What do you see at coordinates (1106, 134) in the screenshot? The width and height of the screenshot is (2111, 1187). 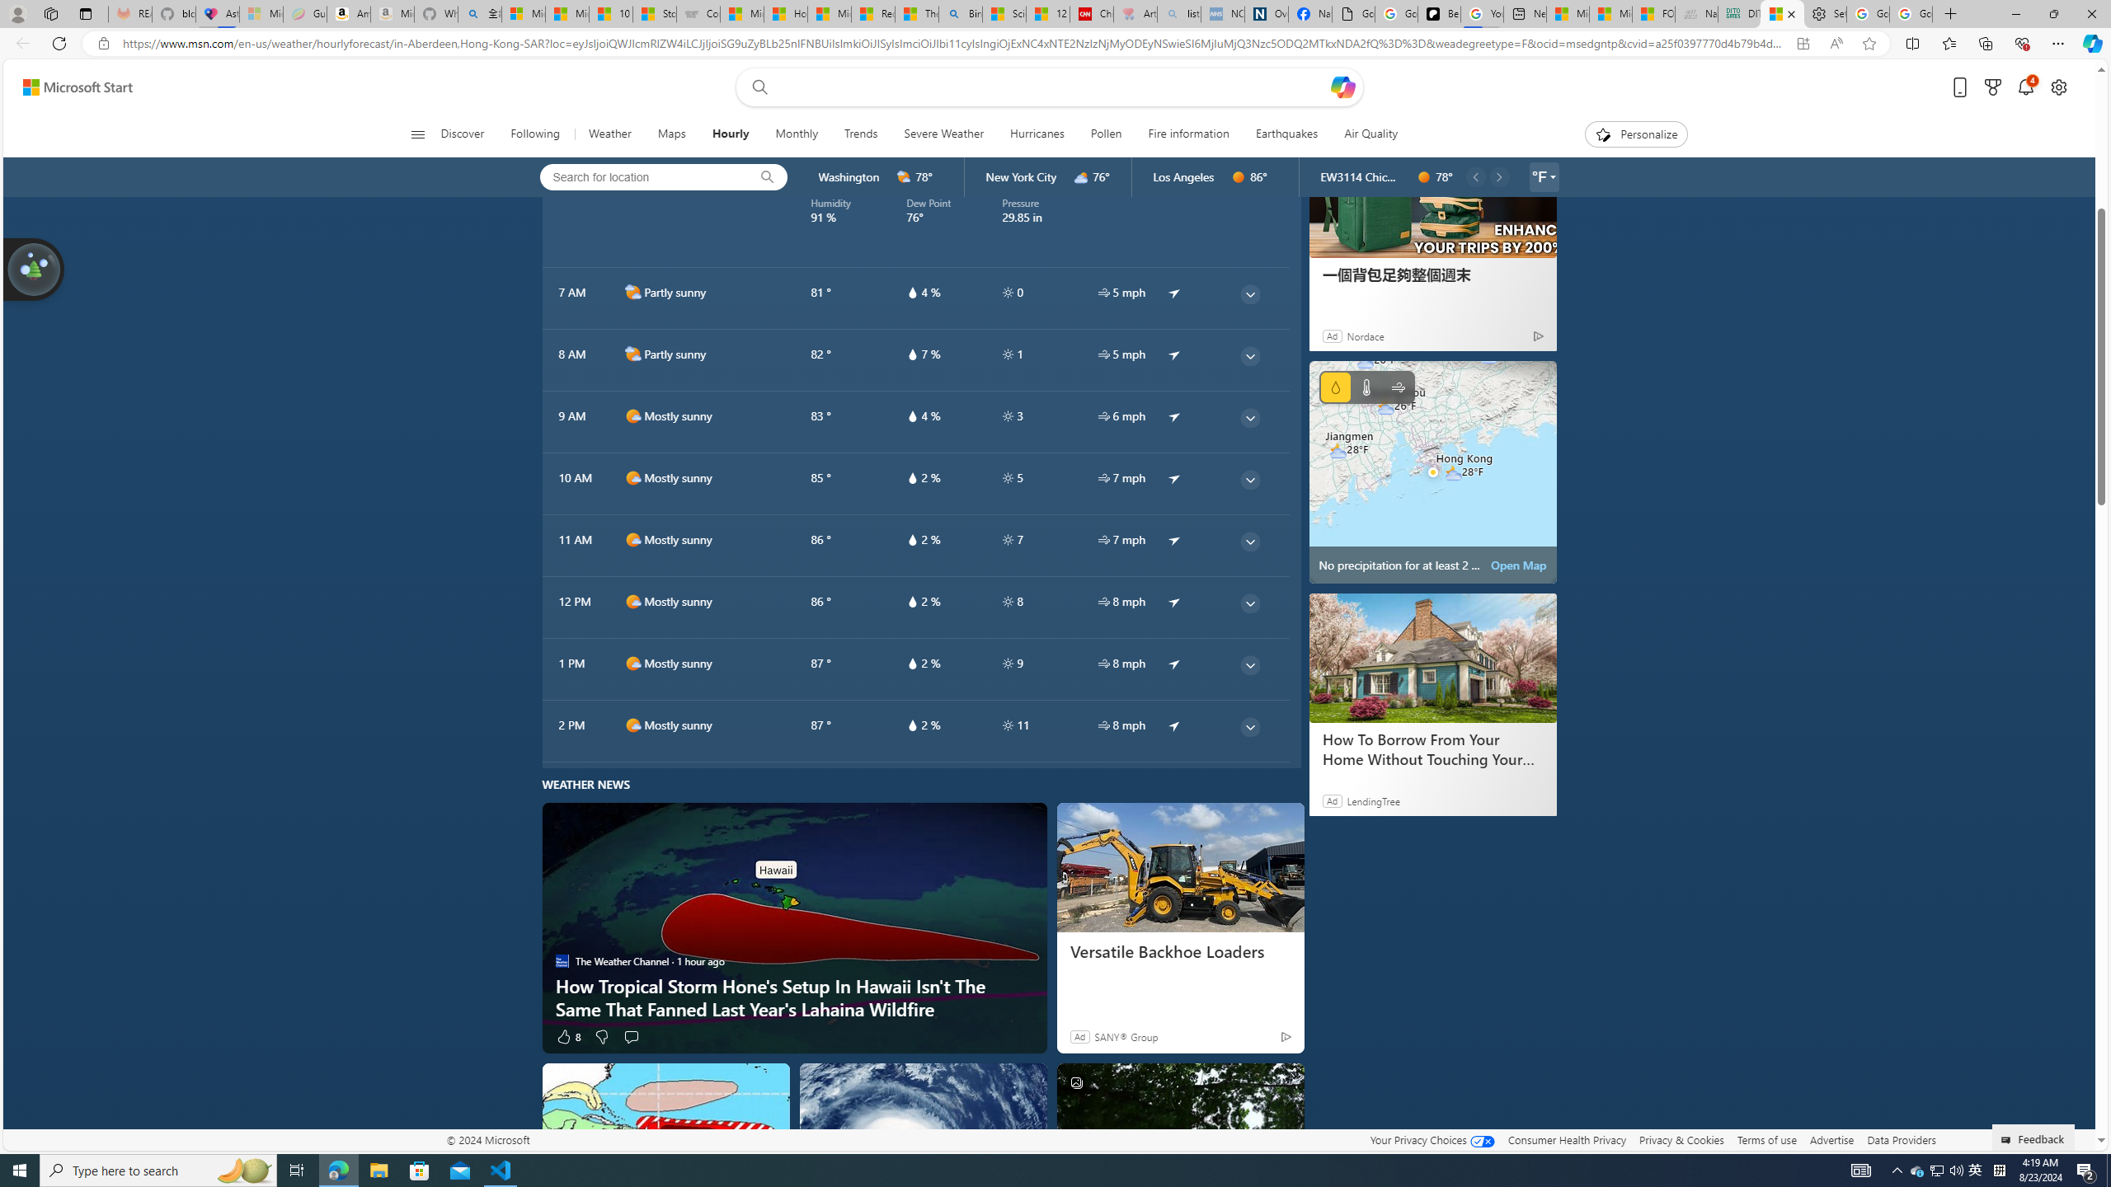 I see `'Pollen'` at bounding box center [1106, 134].